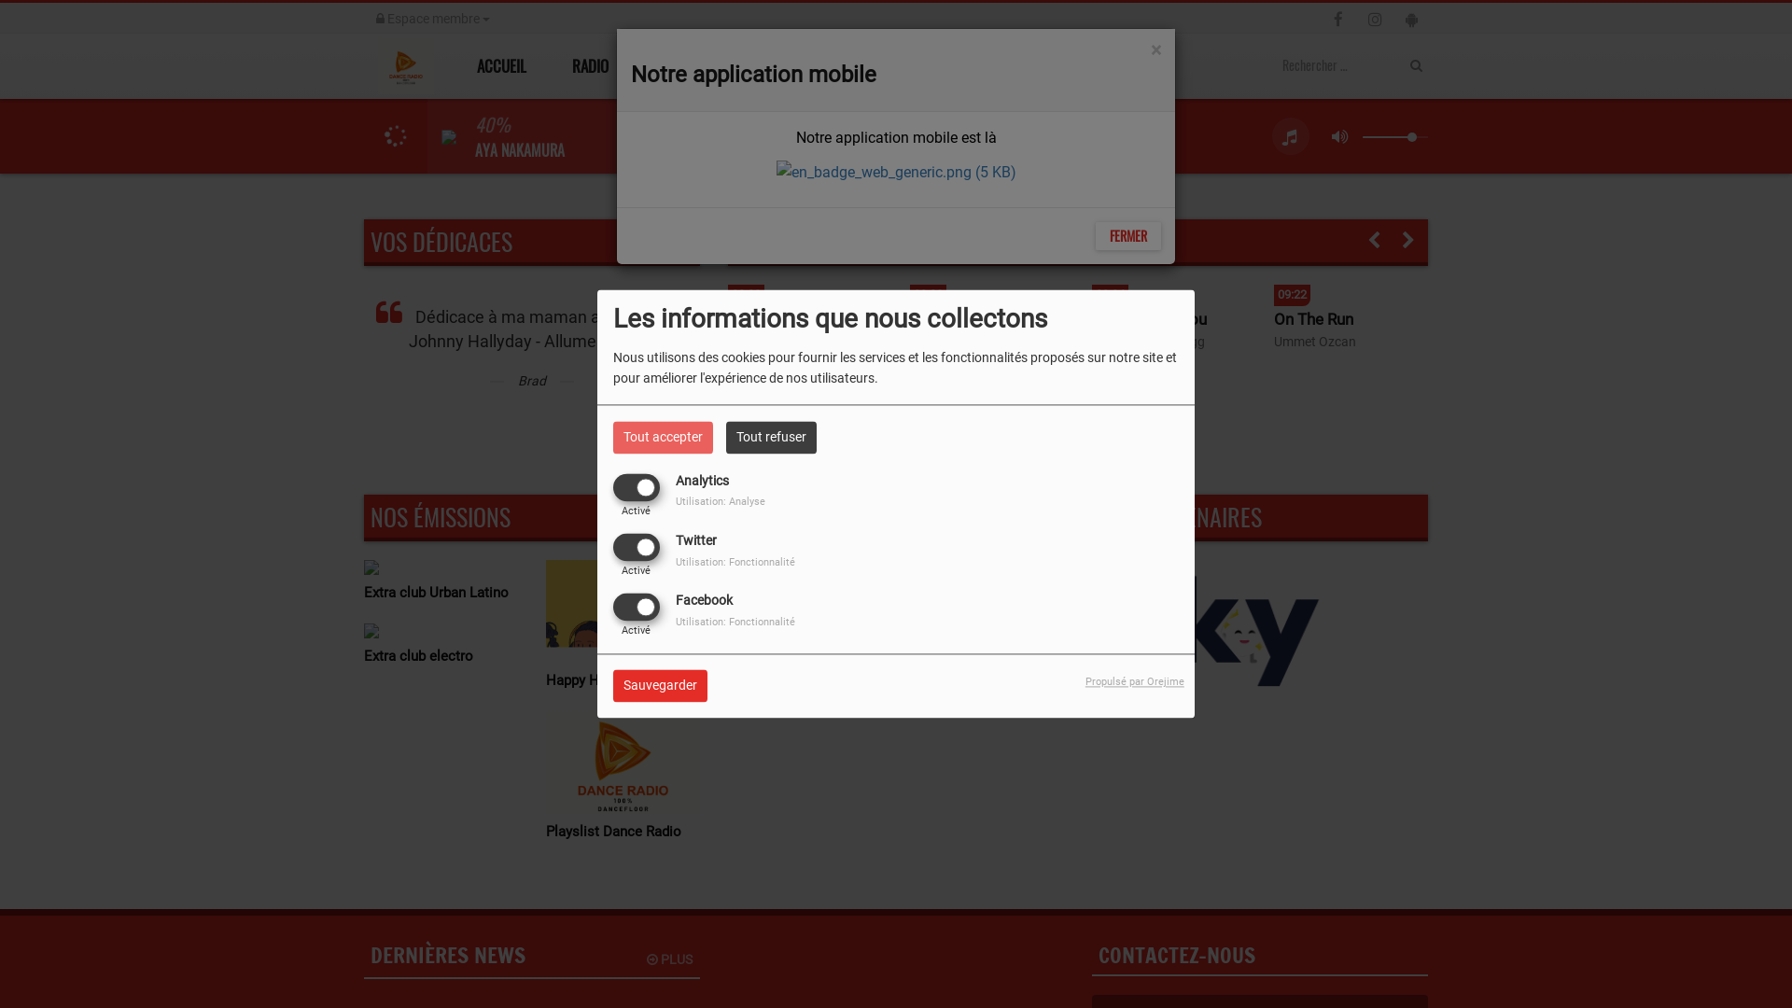 The height and width of the screenshot is (1008, 1792). I want to click on 'Extra club Urban Latino', so click(440, 593).